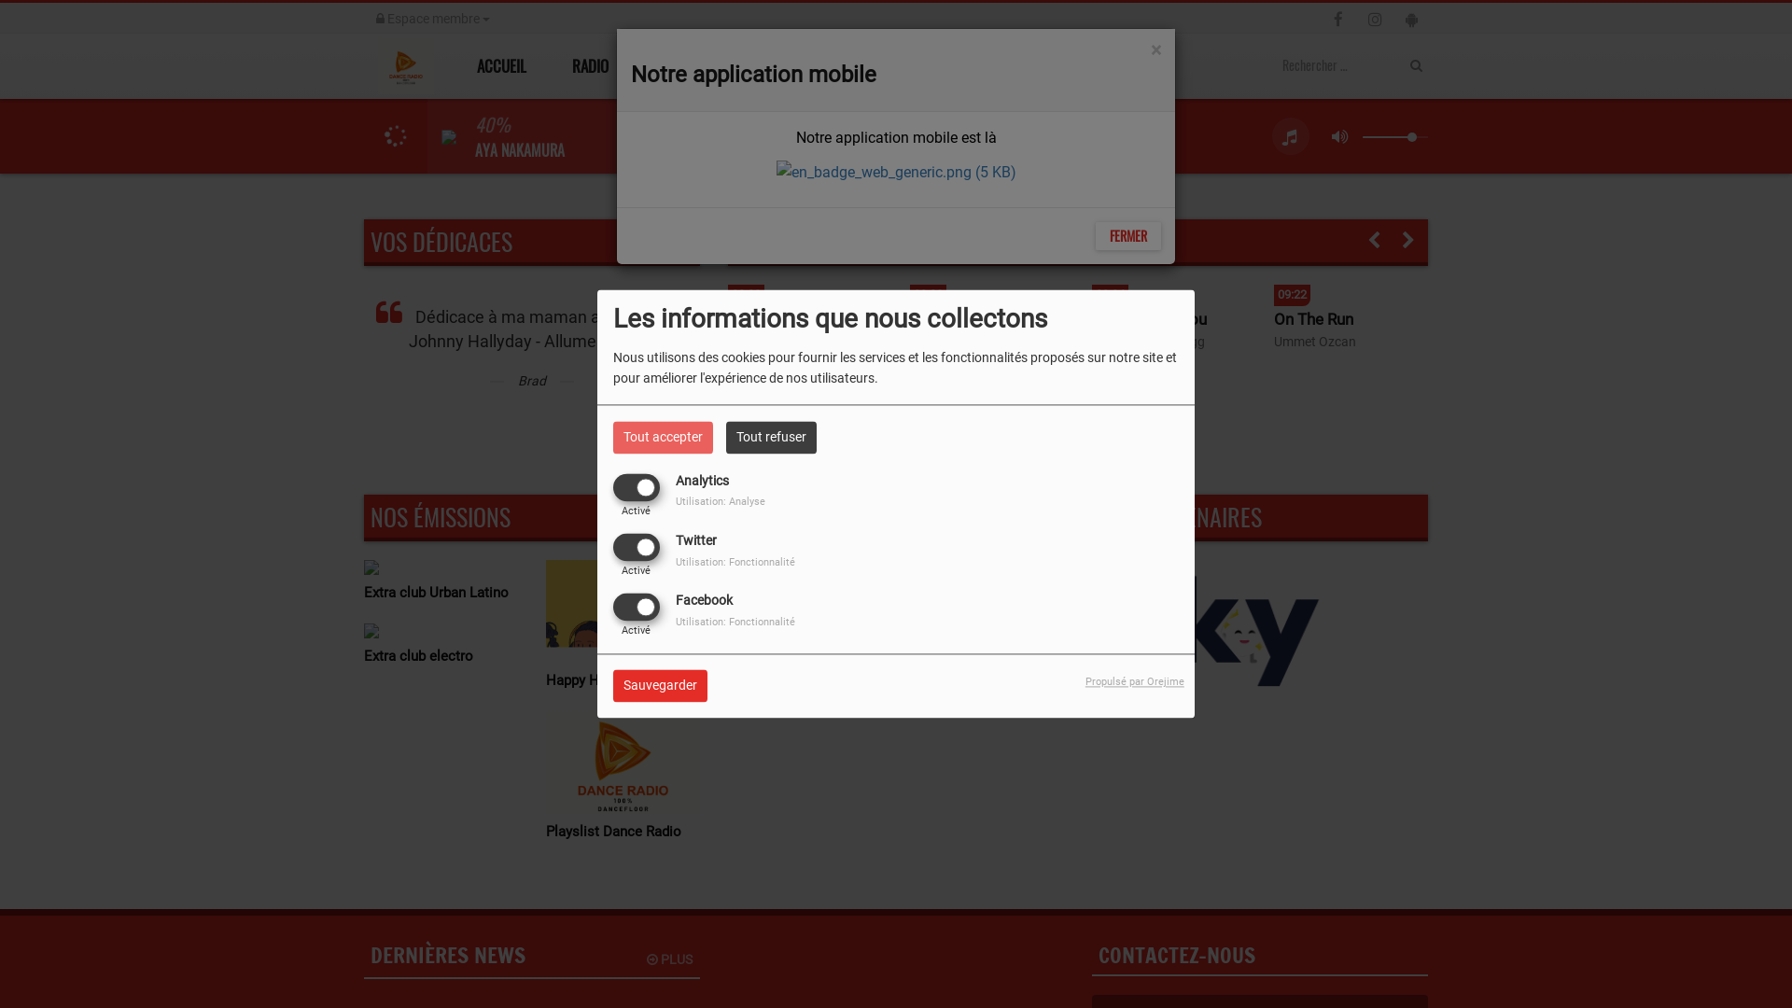 The height and width of the screenshot is (1008, 1792). I want to click on 'Extra club Urban Latino', so click(440, 593).